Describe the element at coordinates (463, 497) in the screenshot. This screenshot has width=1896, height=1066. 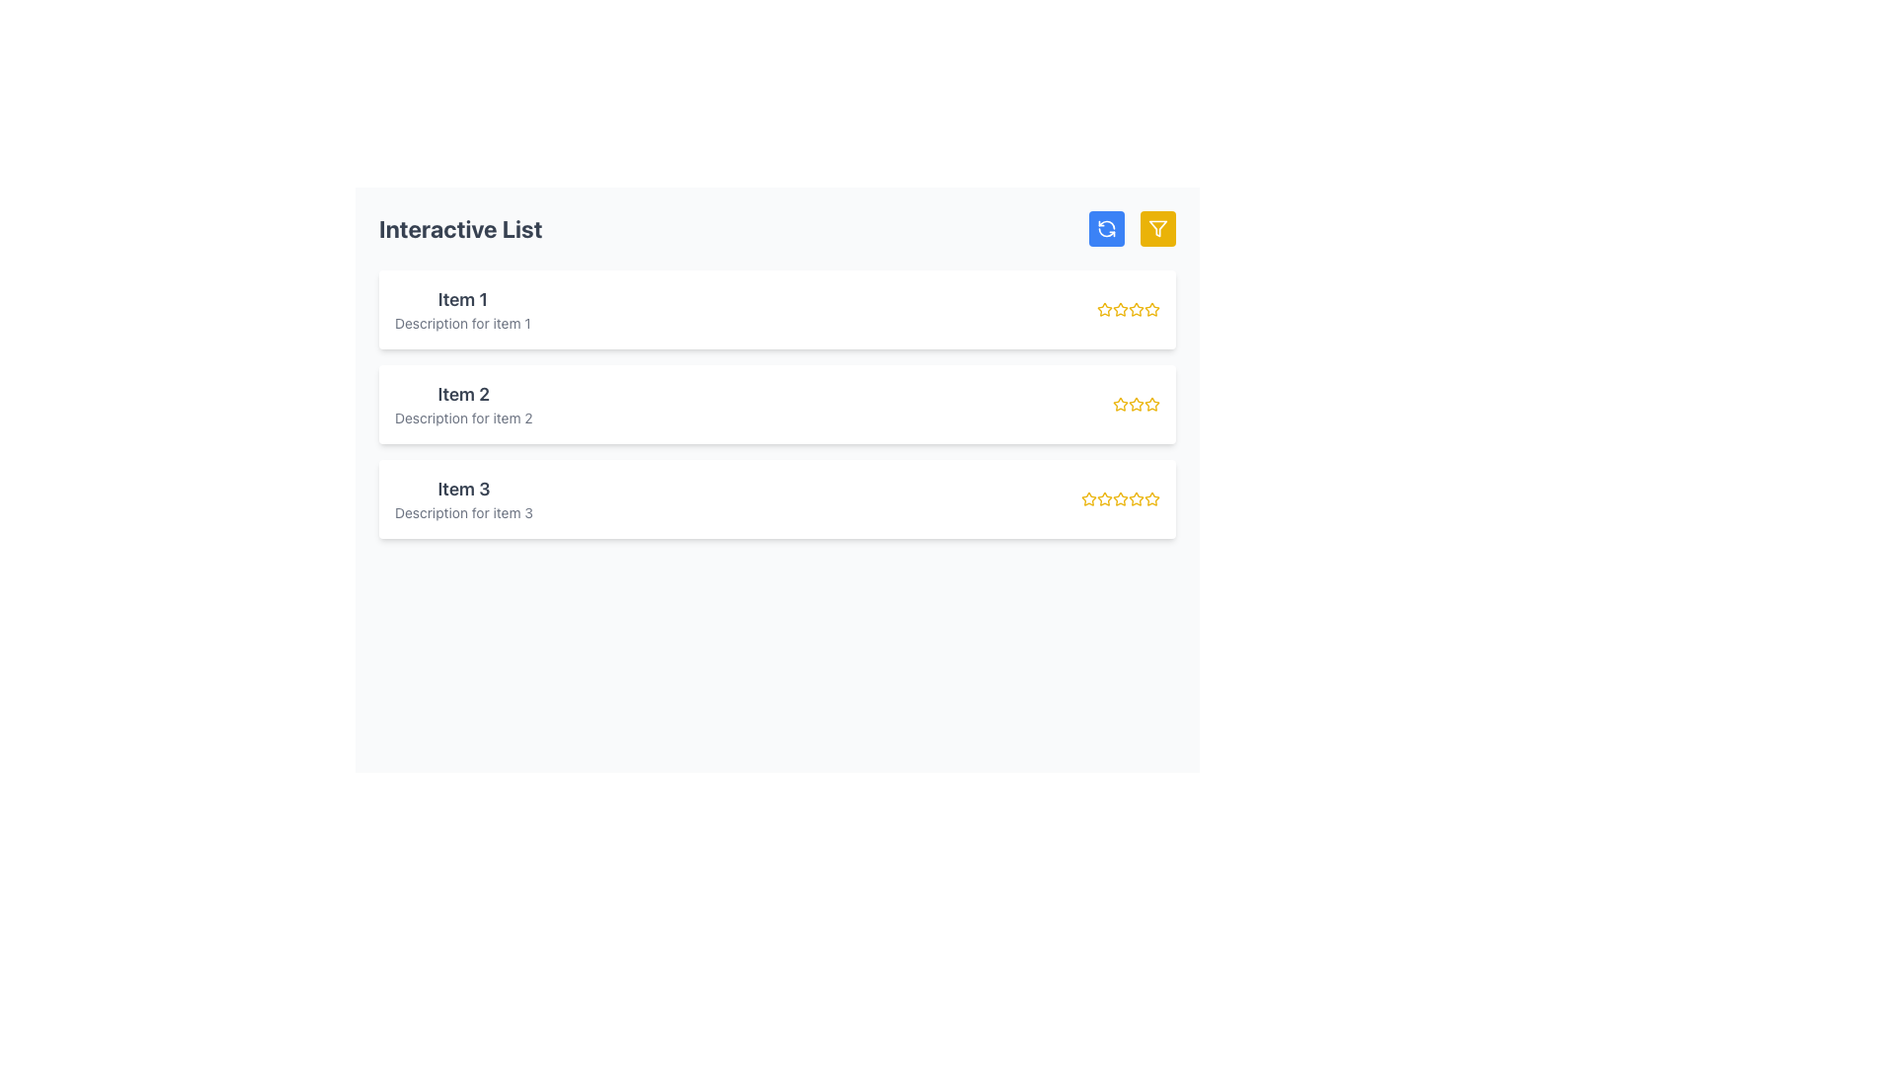
I see `the third list item titled 'Item 3'` at that location.